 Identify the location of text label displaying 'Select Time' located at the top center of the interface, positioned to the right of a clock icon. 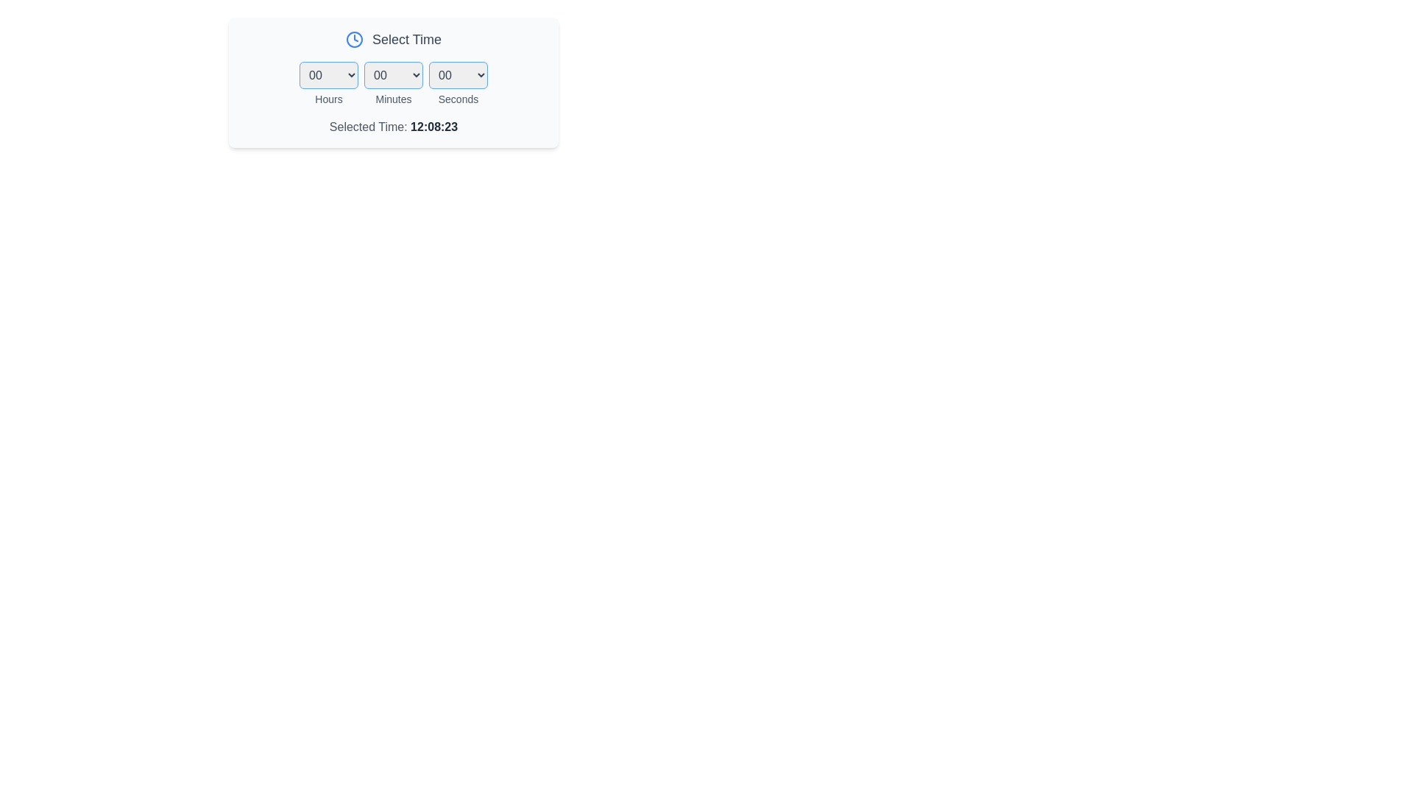
(406, 39).